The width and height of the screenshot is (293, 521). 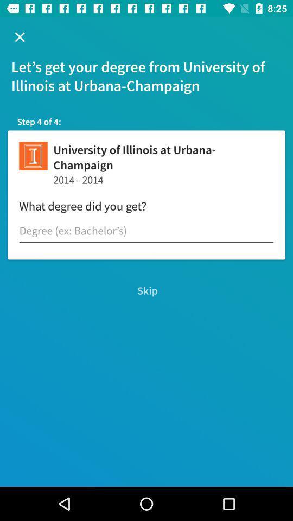 What do you see at coordinates (20, 37) in the screenshot?
I see `the item above let s get icon` at bounding box center [20, 37].